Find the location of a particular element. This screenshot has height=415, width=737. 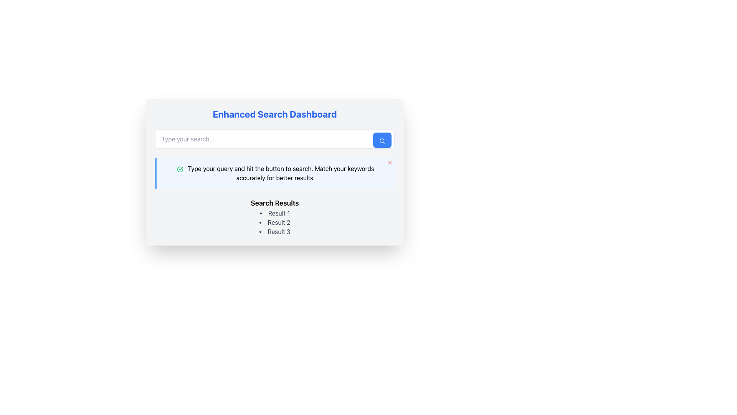

the green outlined circle graphical icon with a check mark inside, which is located to the left of the instruction text 'Type your query...' is located at coordinates (180, 169).